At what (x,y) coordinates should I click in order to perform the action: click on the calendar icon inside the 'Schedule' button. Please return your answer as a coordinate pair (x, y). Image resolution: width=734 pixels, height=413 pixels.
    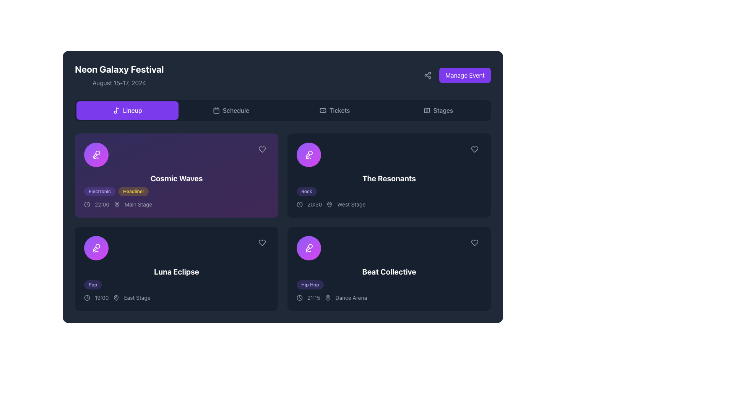
    Looking at the image, I should click on (216, 111).